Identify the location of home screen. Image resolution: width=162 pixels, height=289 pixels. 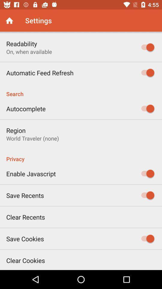
(9, 20).